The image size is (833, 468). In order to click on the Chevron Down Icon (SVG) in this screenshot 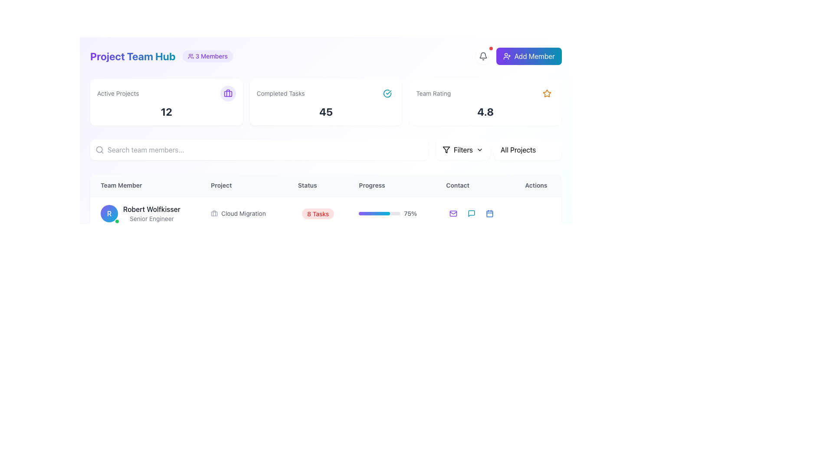, I will do `click(479, 149)`.